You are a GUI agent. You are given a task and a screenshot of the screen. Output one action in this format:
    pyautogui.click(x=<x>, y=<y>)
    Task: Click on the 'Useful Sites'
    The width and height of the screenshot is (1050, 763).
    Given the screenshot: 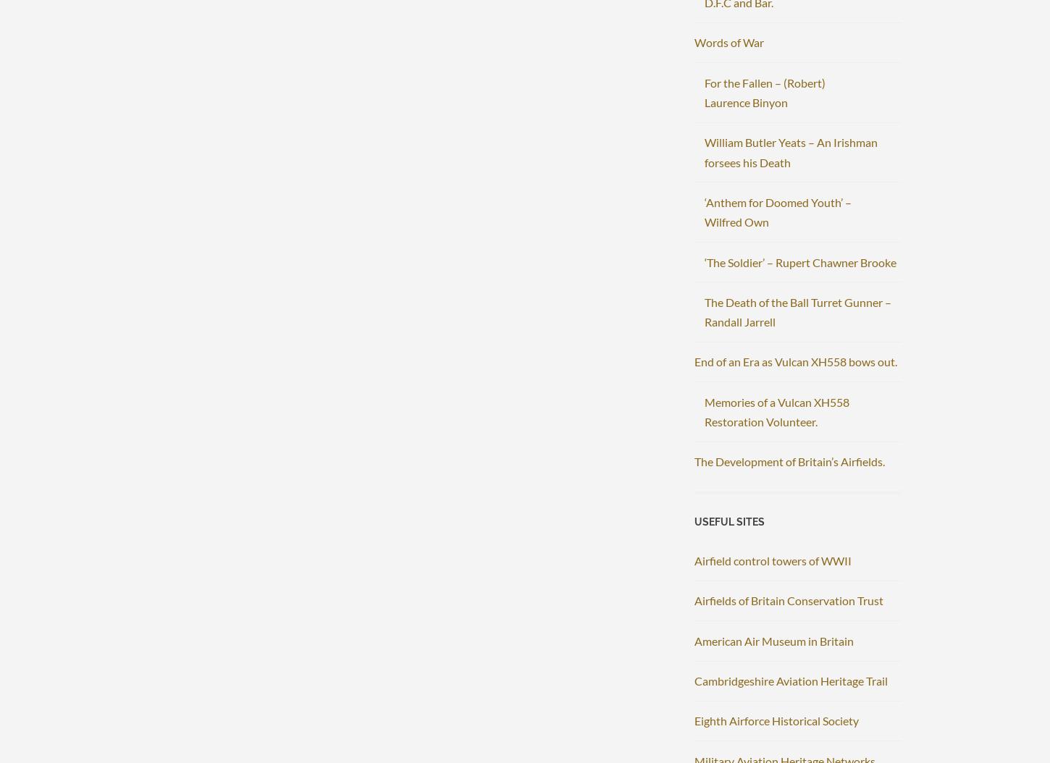 What is the action you would take?
    pyautogui.click(x=729, y=520)
    